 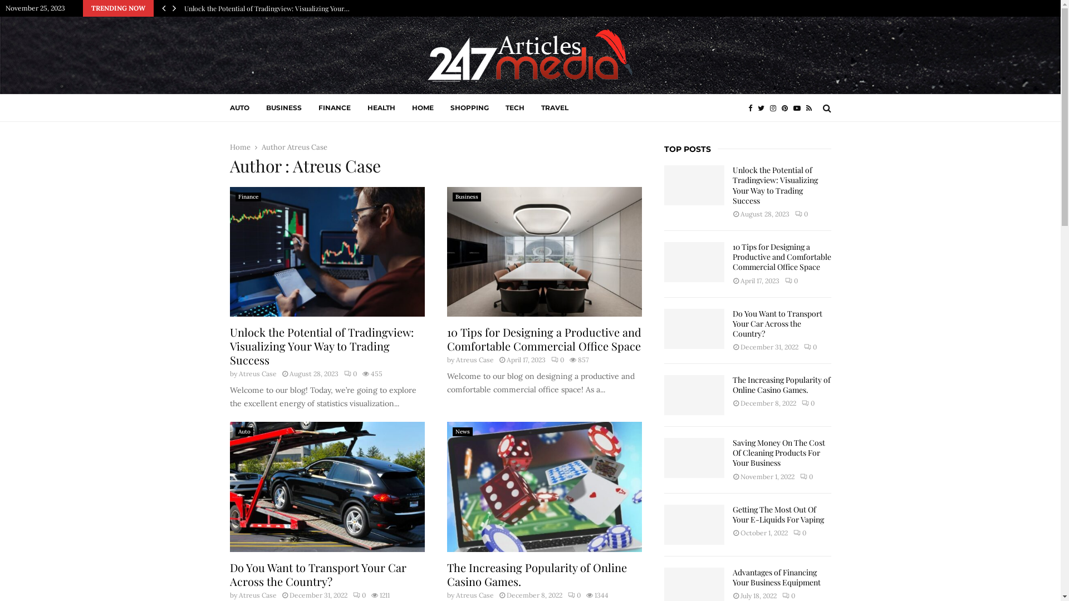 What do you see at coordinates (557, 359) in the screenshot?
I see `'0'` at bounding box center [557, 359].